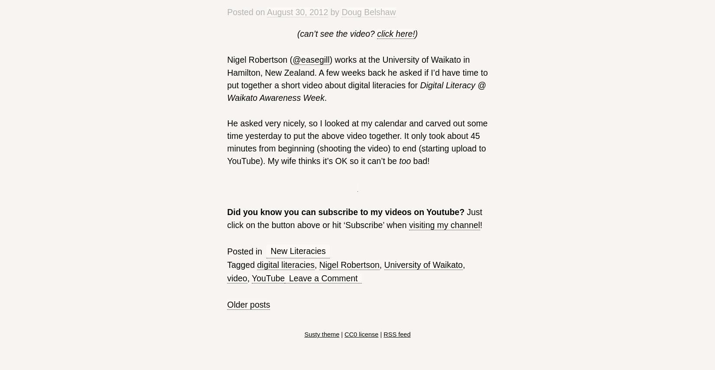 The width and height of the screenshot is (715, 370). I want to click on 'Just click on the button above or hit ‘Subscribe’ when', so click(354, 218).